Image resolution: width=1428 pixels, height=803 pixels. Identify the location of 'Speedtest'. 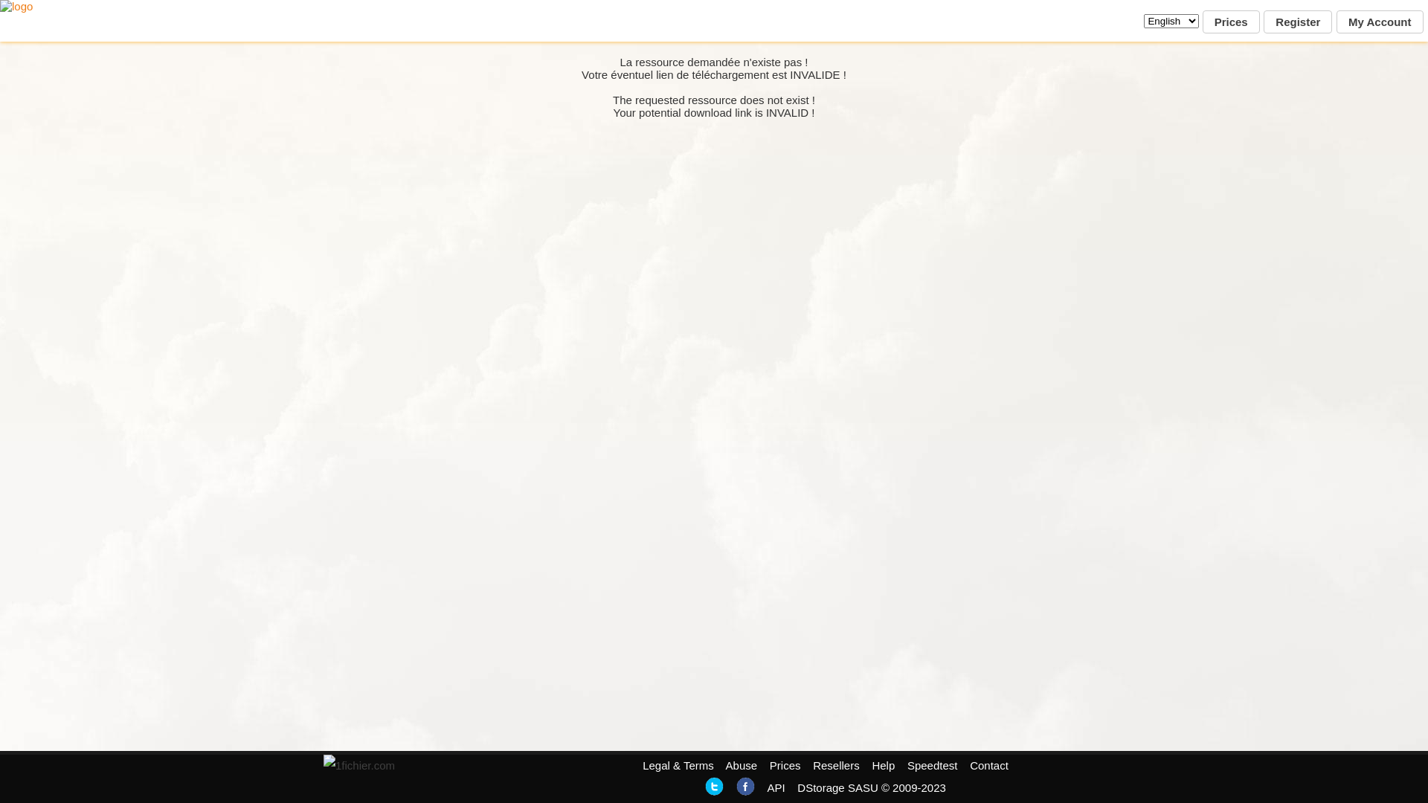
(931, 765).